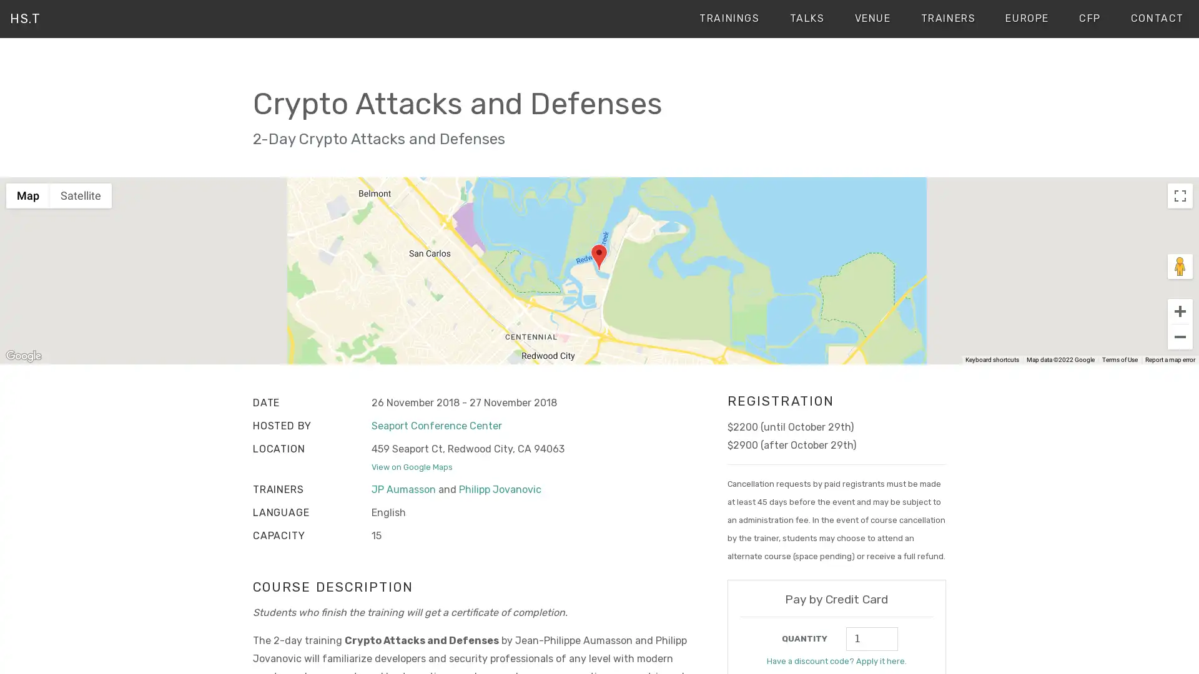  What do you see at coordinates (1180, 310) in the screenshot?
I see `Zoom in` at bounding box center [1180, 310].